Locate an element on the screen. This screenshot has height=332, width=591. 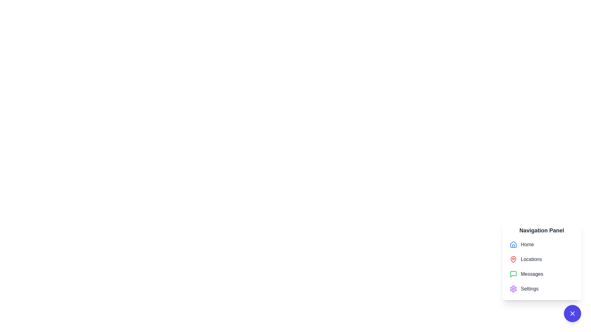
the 'Messages' menu item, identifiable by its green speech bubble icon, which is the third item in the vertical list of navigation options on the white card at the bottom-right corner of the interface is located at coordinates (542, 271).